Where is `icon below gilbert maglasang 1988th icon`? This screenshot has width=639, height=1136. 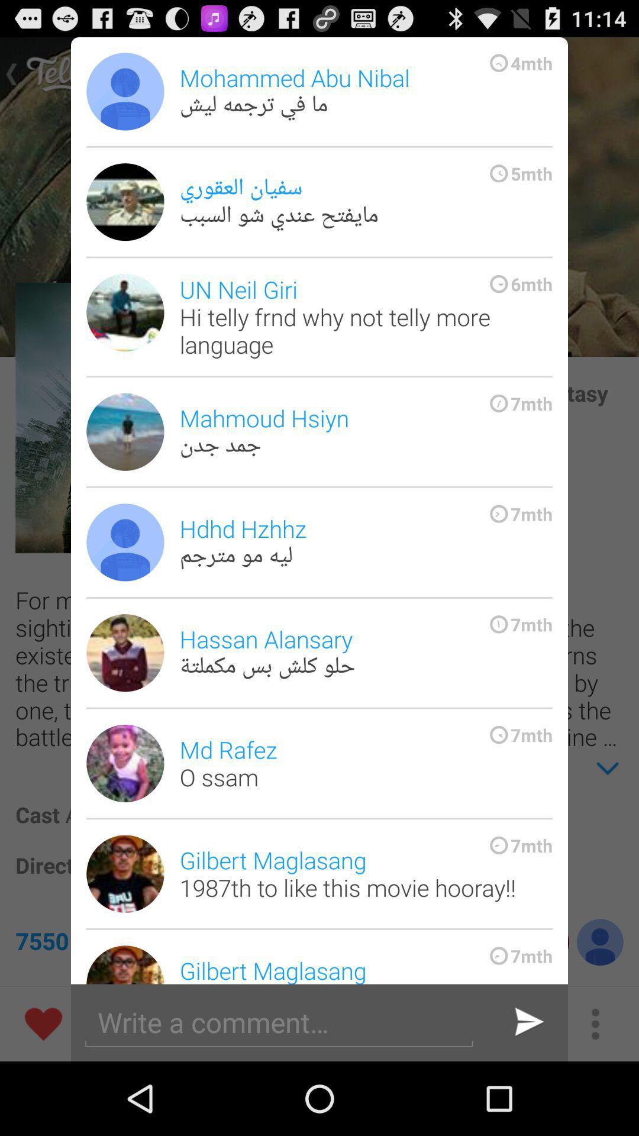
icon below gilbert maglasang 1988th icon is located at coordinates (527, 1022).